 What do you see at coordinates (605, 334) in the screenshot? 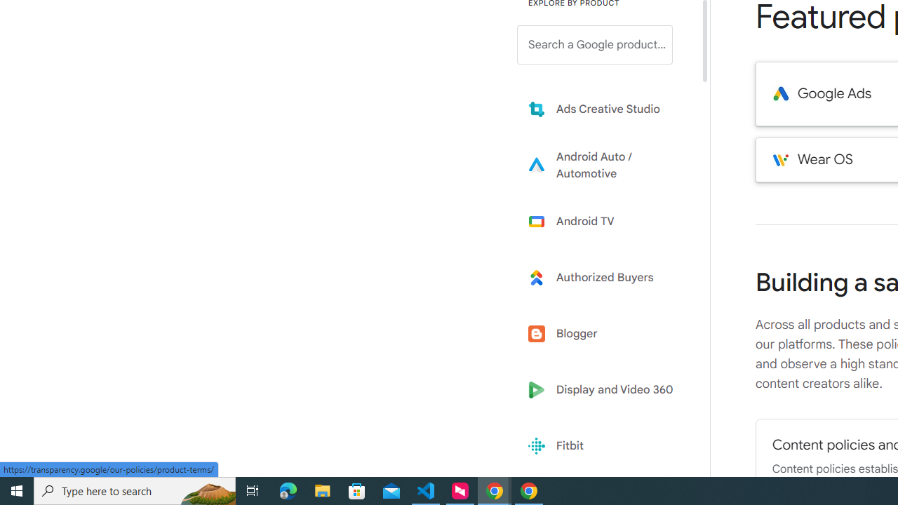
I see `'Blogger'` at bounding box center [605, 334].